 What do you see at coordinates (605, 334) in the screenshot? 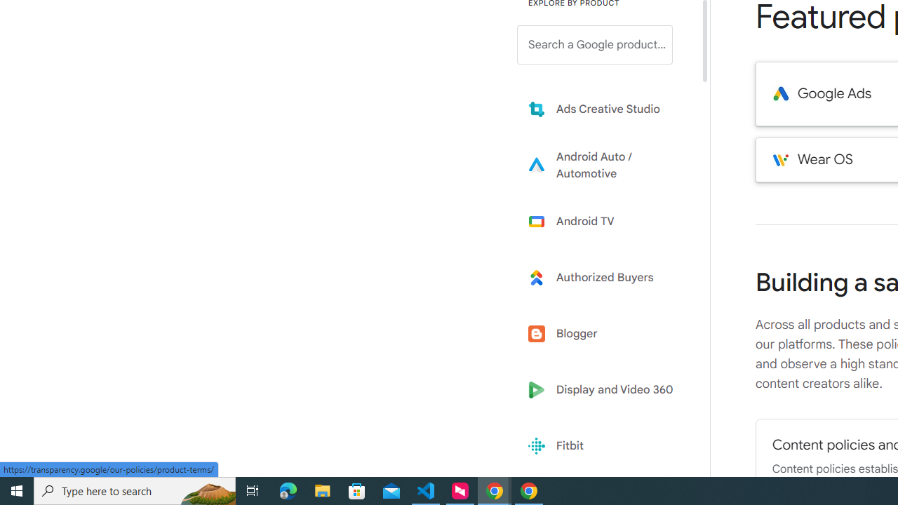
I see `'Blogger'` at bounding box center [605, 334].